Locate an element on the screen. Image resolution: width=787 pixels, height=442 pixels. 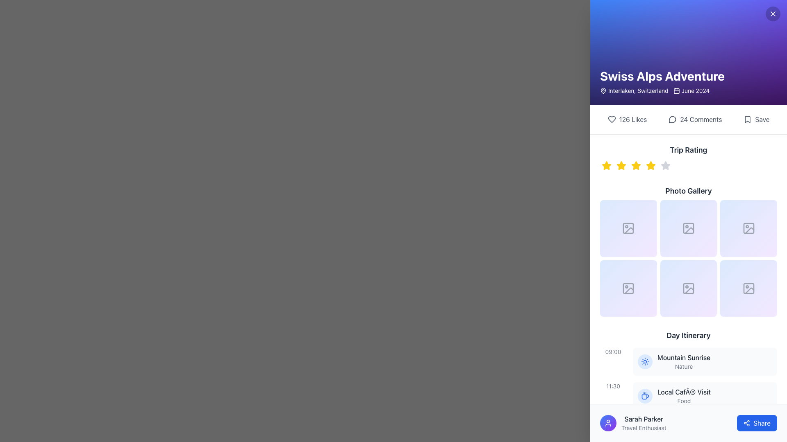
the interactive gallery item located in the bottom-rightmost position of the 3x3 grid under the 'Photo Gallery' header to interact with it is located at coordinates (748, 288).